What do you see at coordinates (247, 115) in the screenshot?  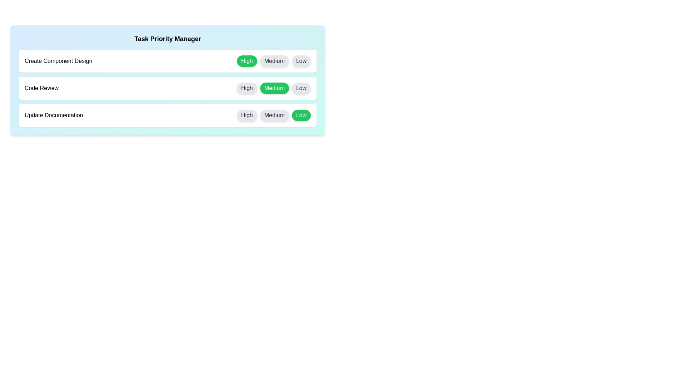 I see `the High button for the task 'Update Documentation' to set its priority` at bounding box center [247, 115].